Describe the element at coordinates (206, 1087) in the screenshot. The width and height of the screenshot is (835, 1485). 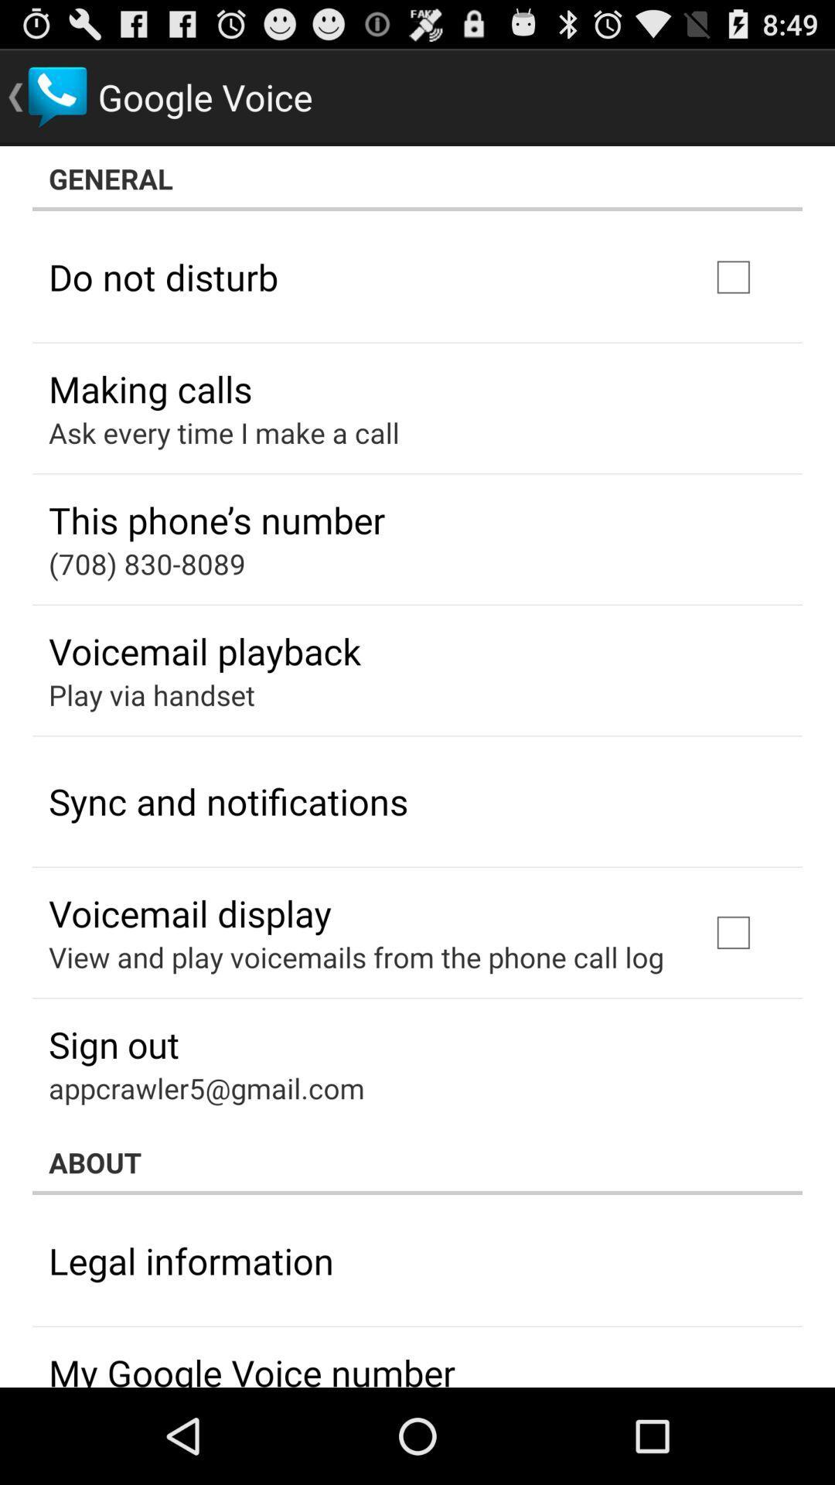
I see `the icon above about app` at that location.